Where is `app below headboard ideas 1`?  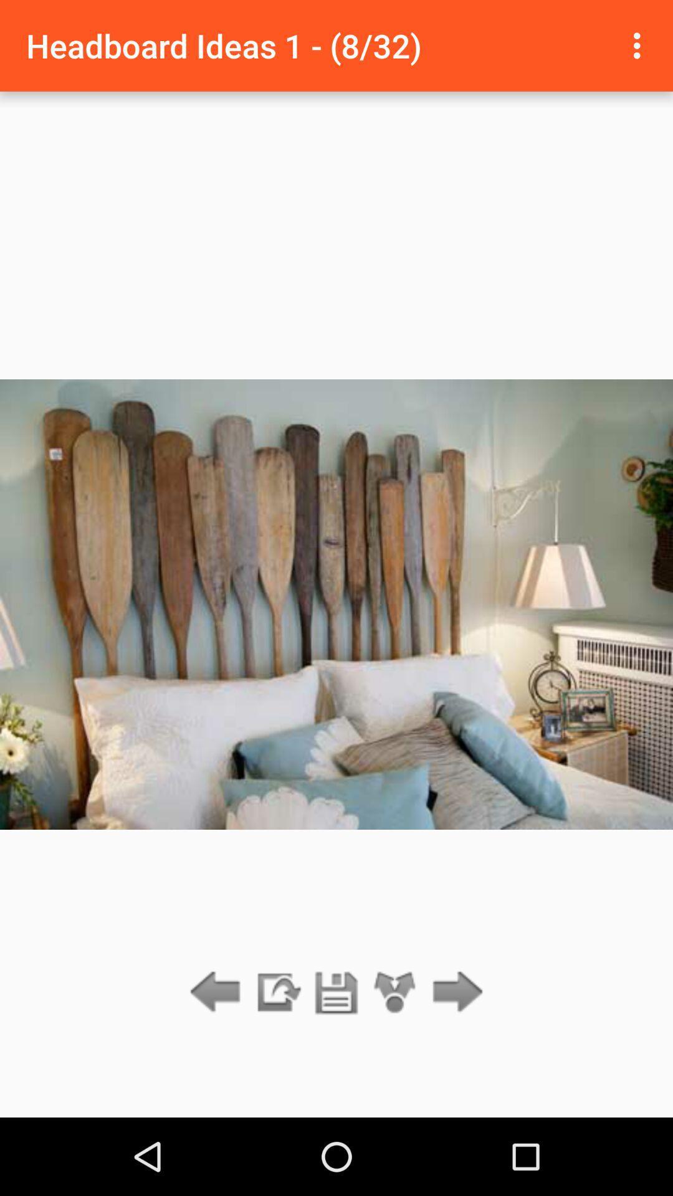
app below headboard ideas 1 is located at coordinates (395, 992).